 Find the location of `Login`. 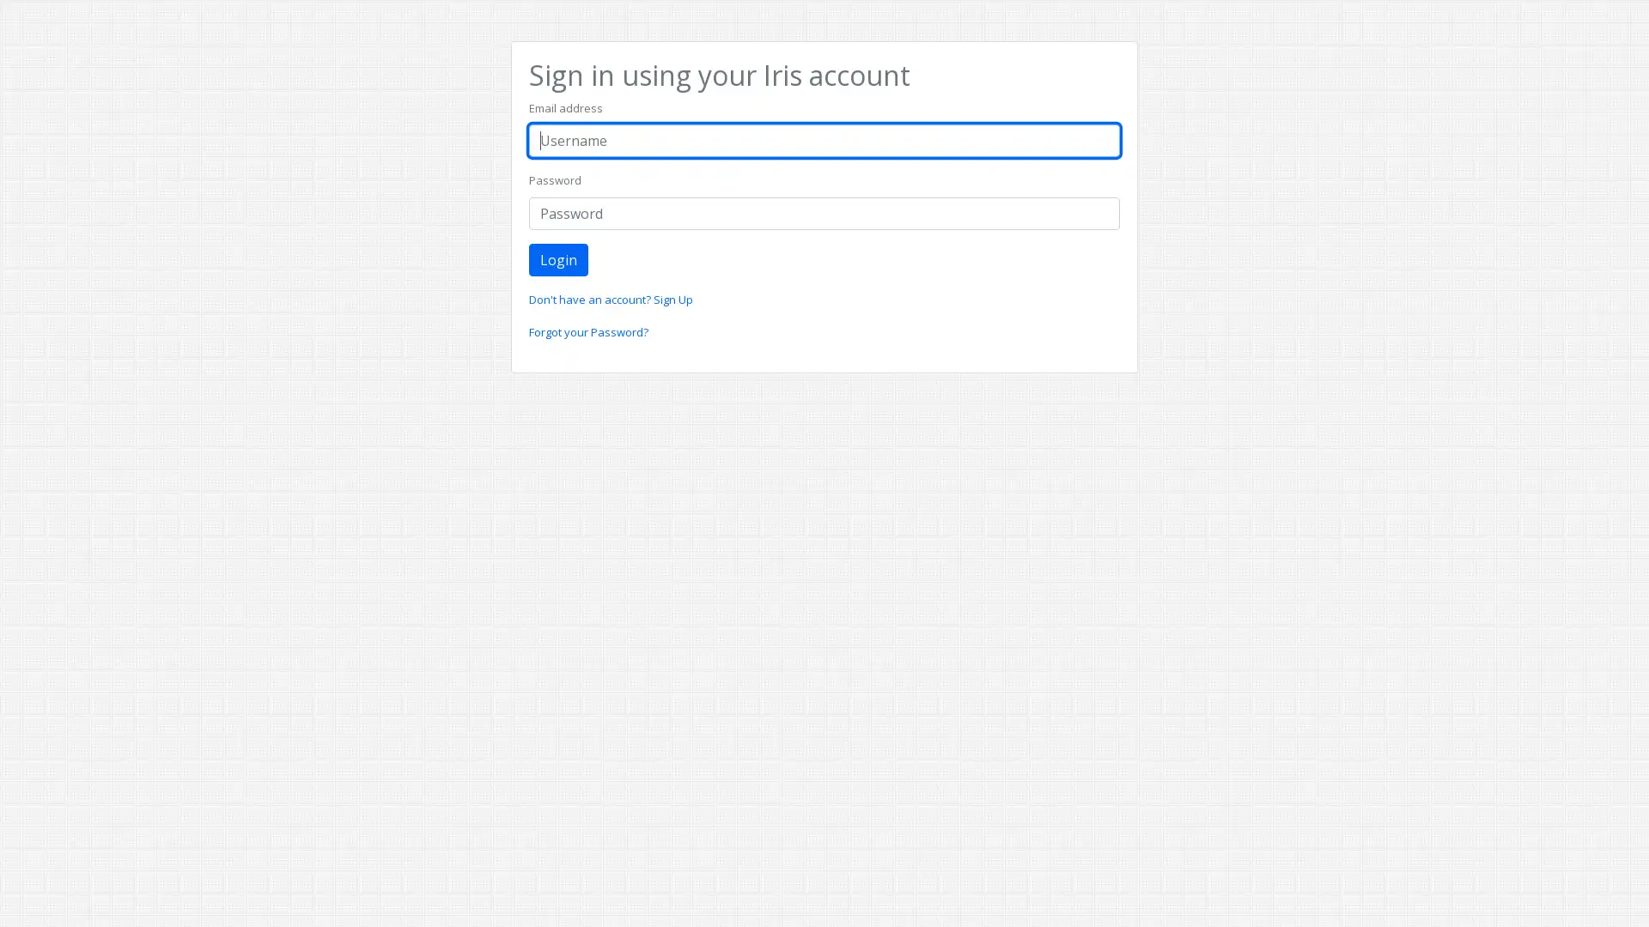

Login is located at coordinates (558, 258).